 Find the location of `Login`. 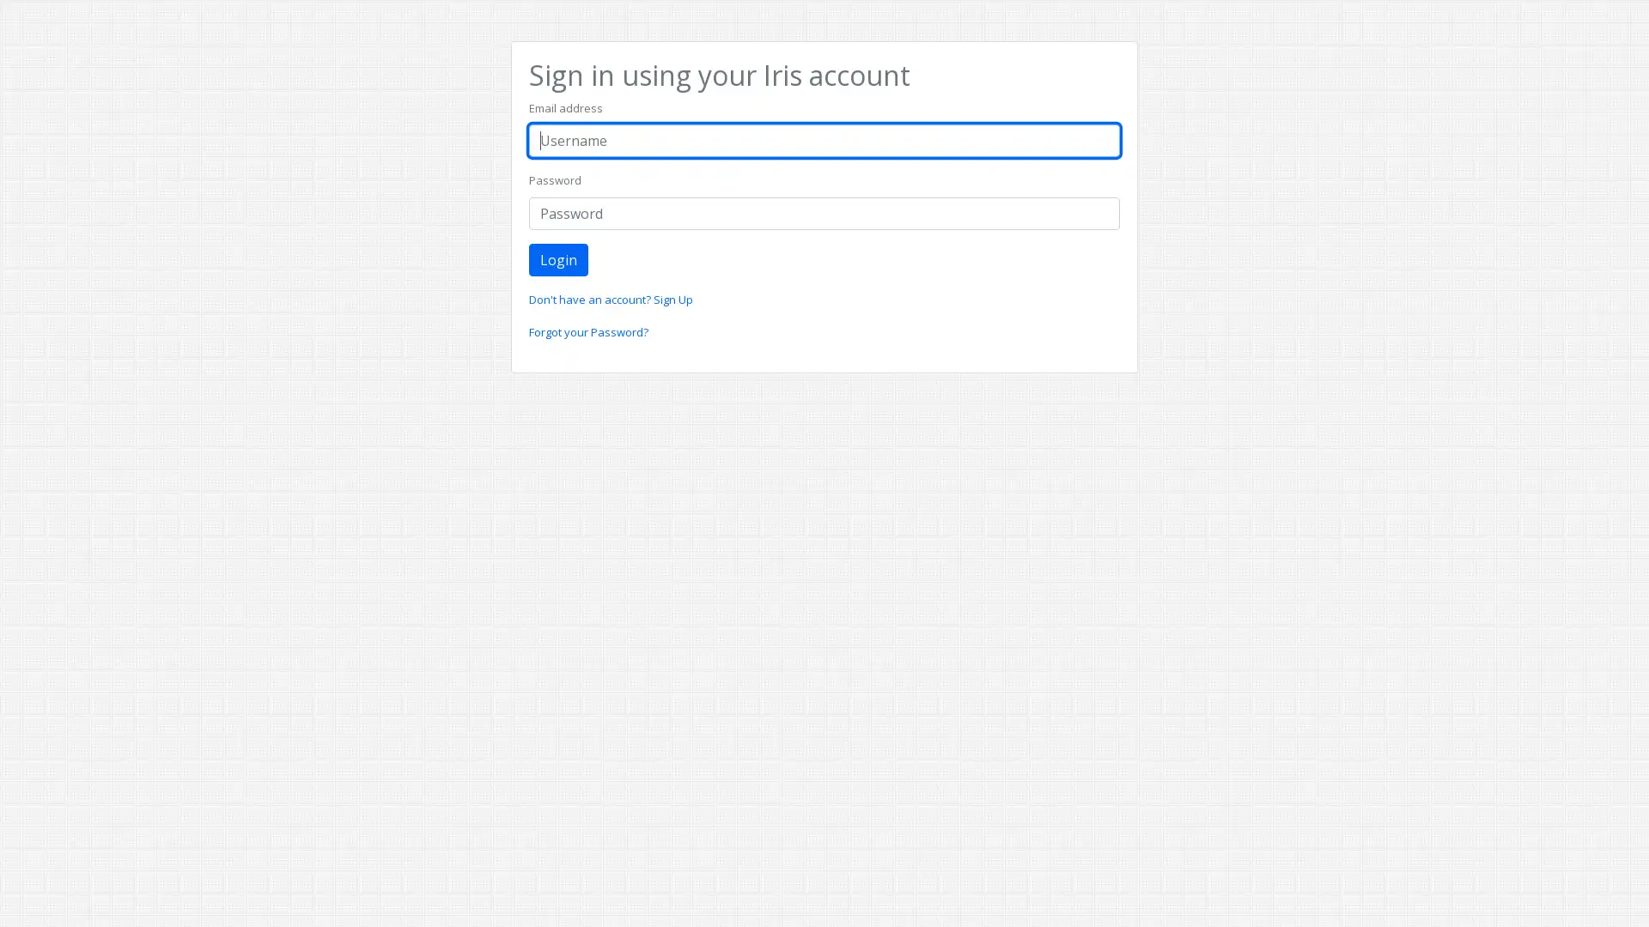

Login is located at coordinates (558, 258).